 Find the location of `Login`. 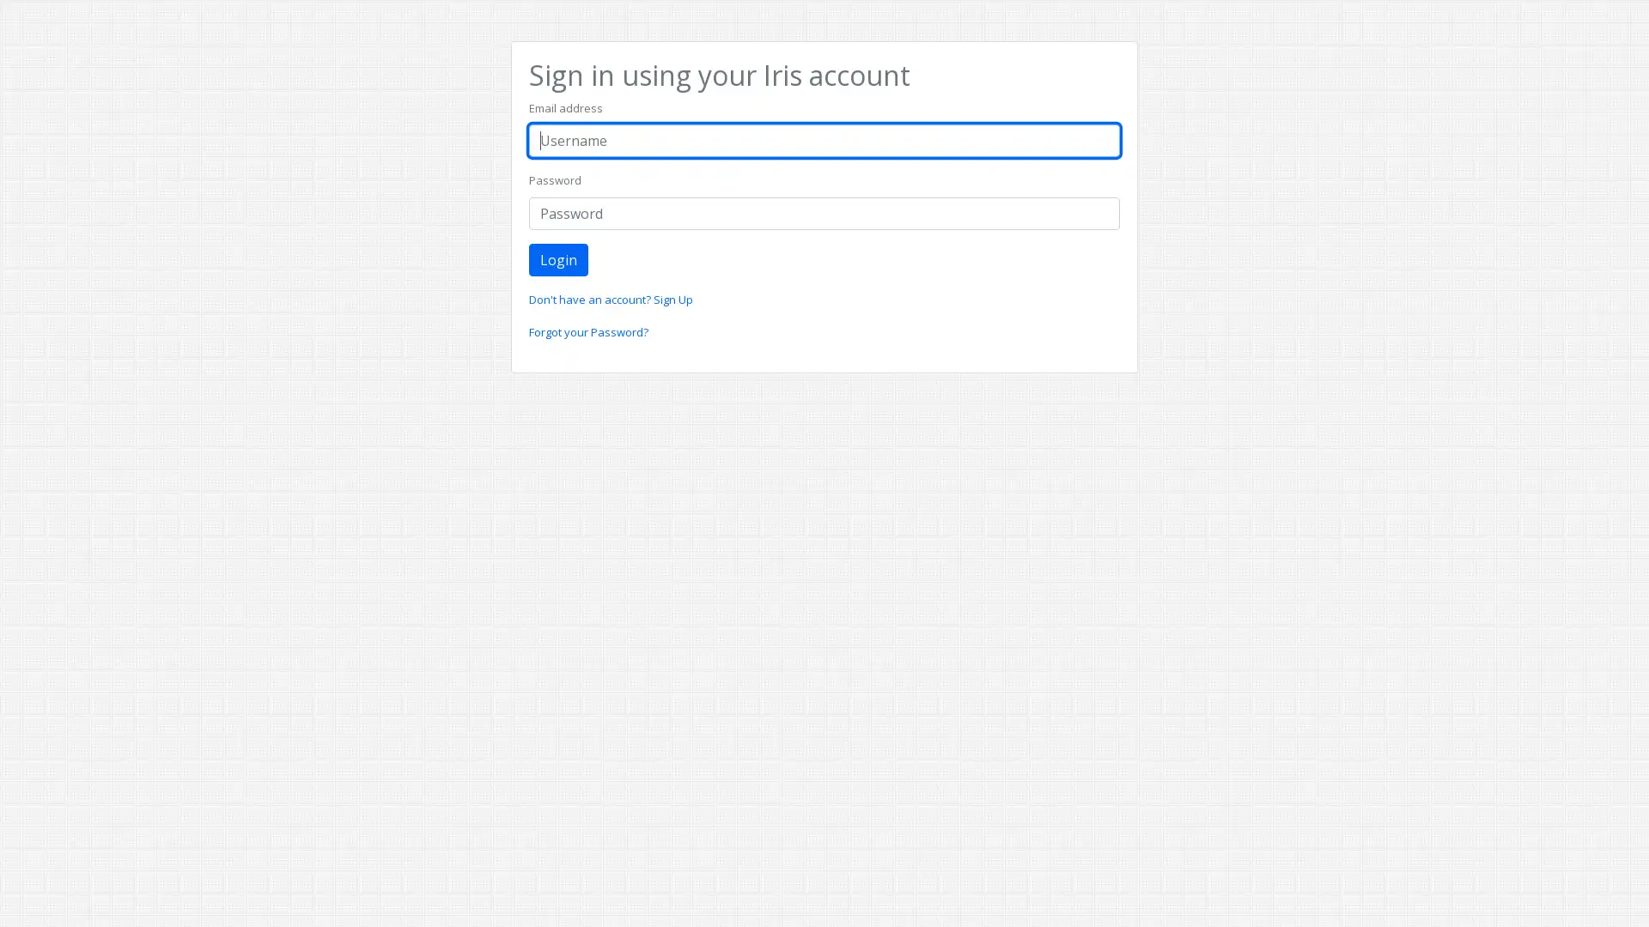

Login is located at coordinates (558, 258).